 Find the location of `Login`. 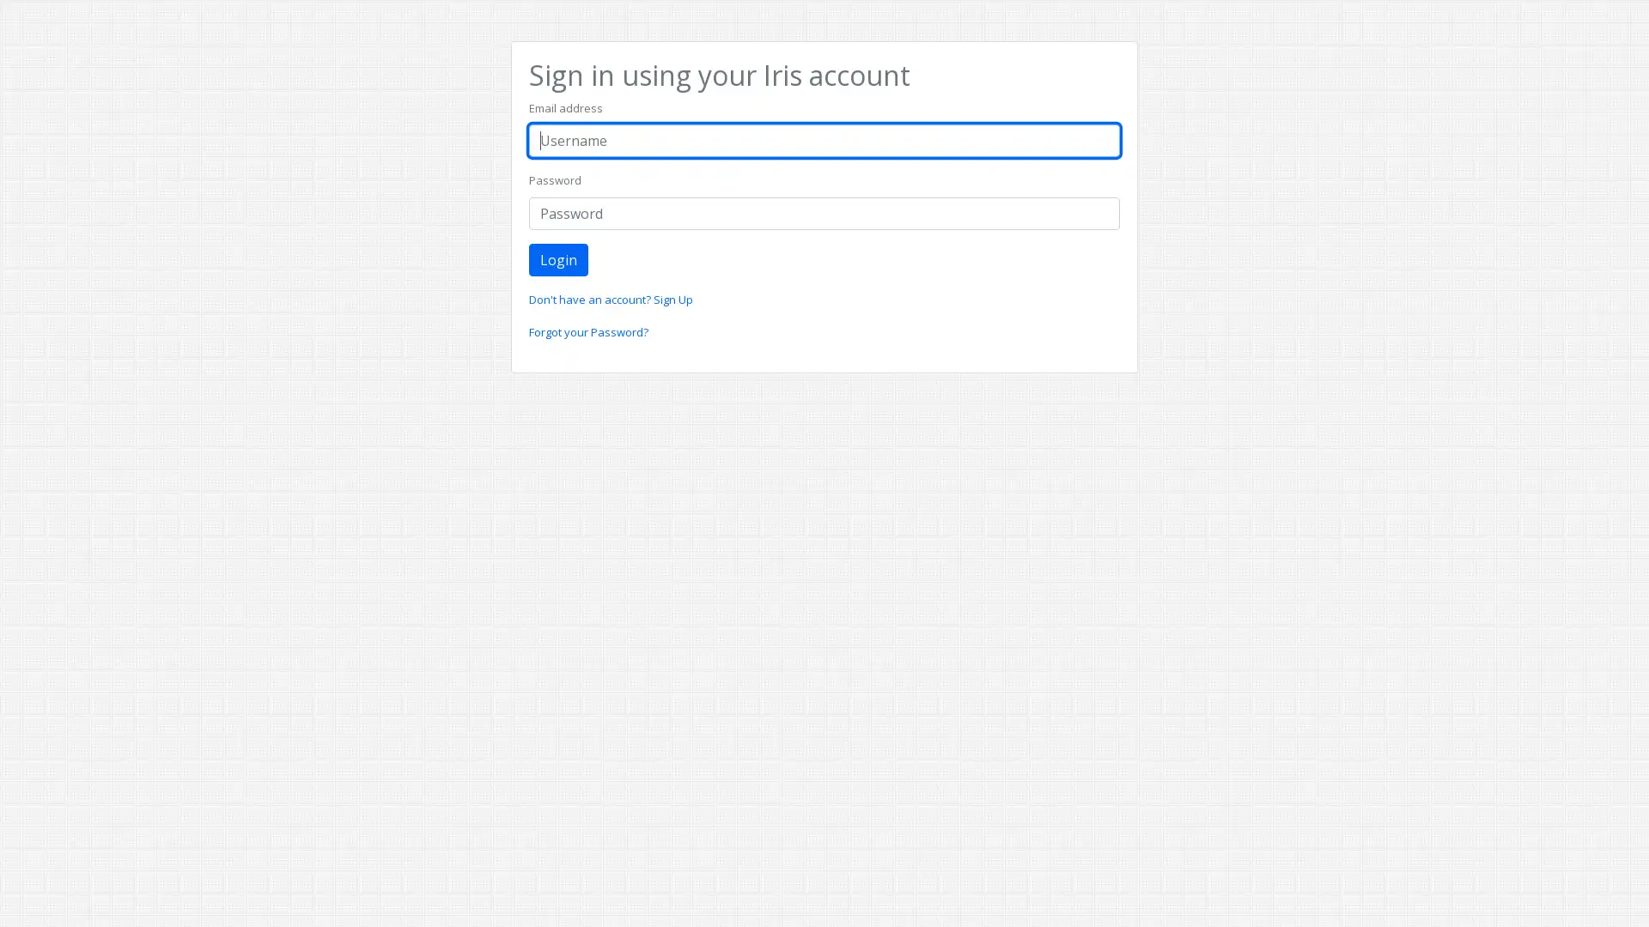

Login is located at coordinates (558, 258).